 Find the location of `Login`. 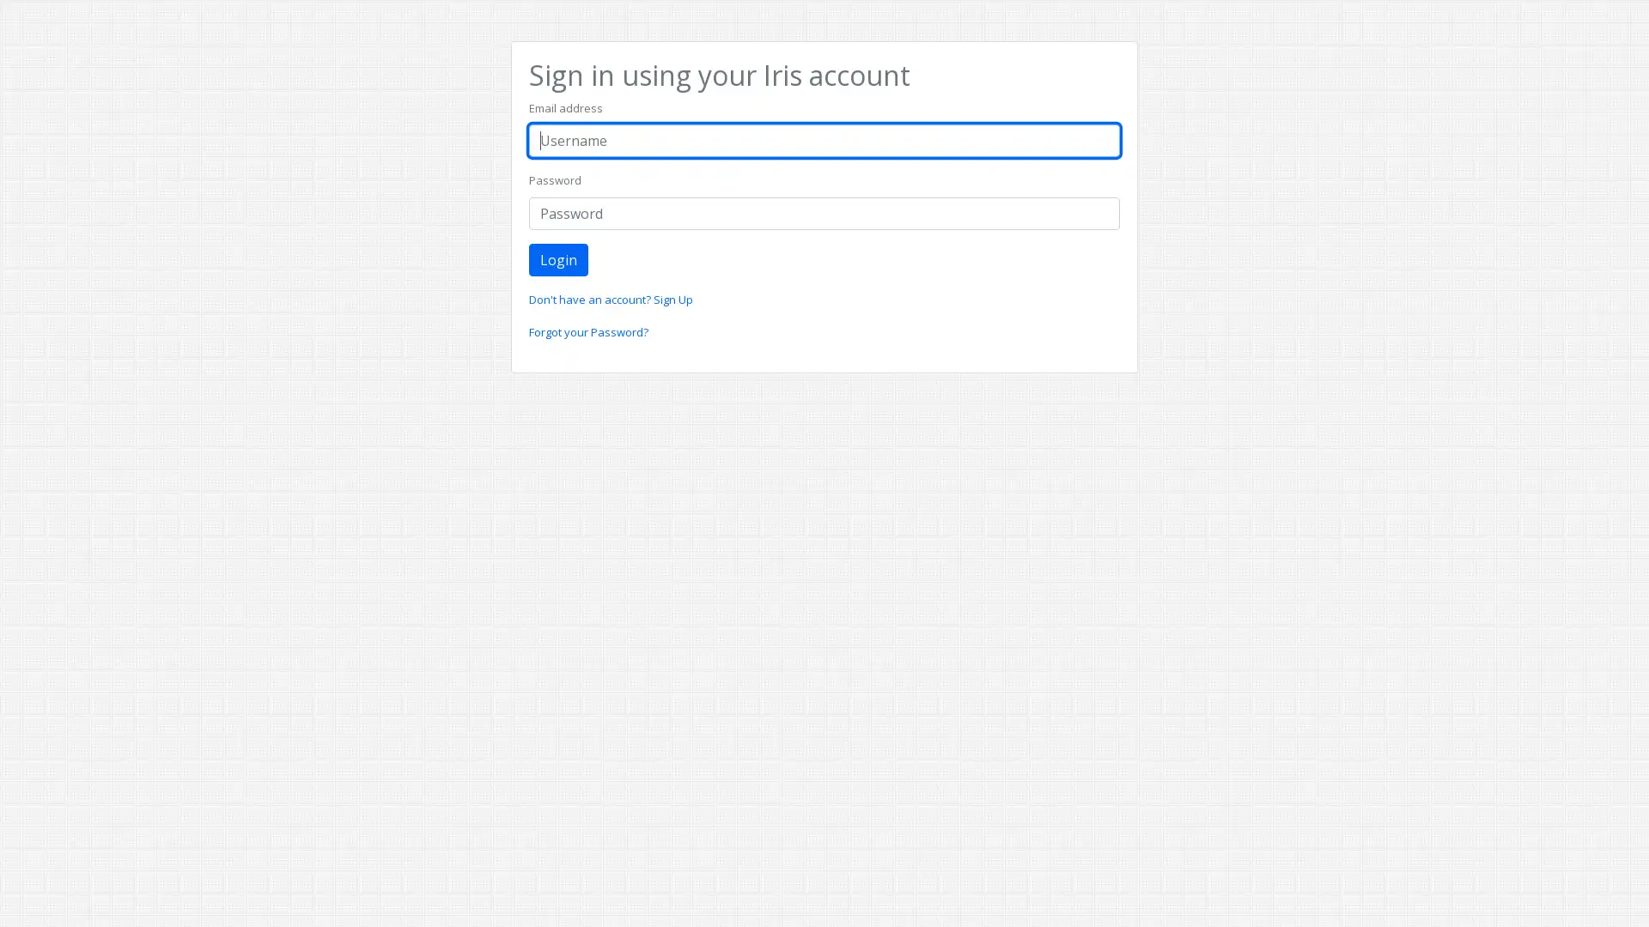

Login is located at coordinates (558, 258).